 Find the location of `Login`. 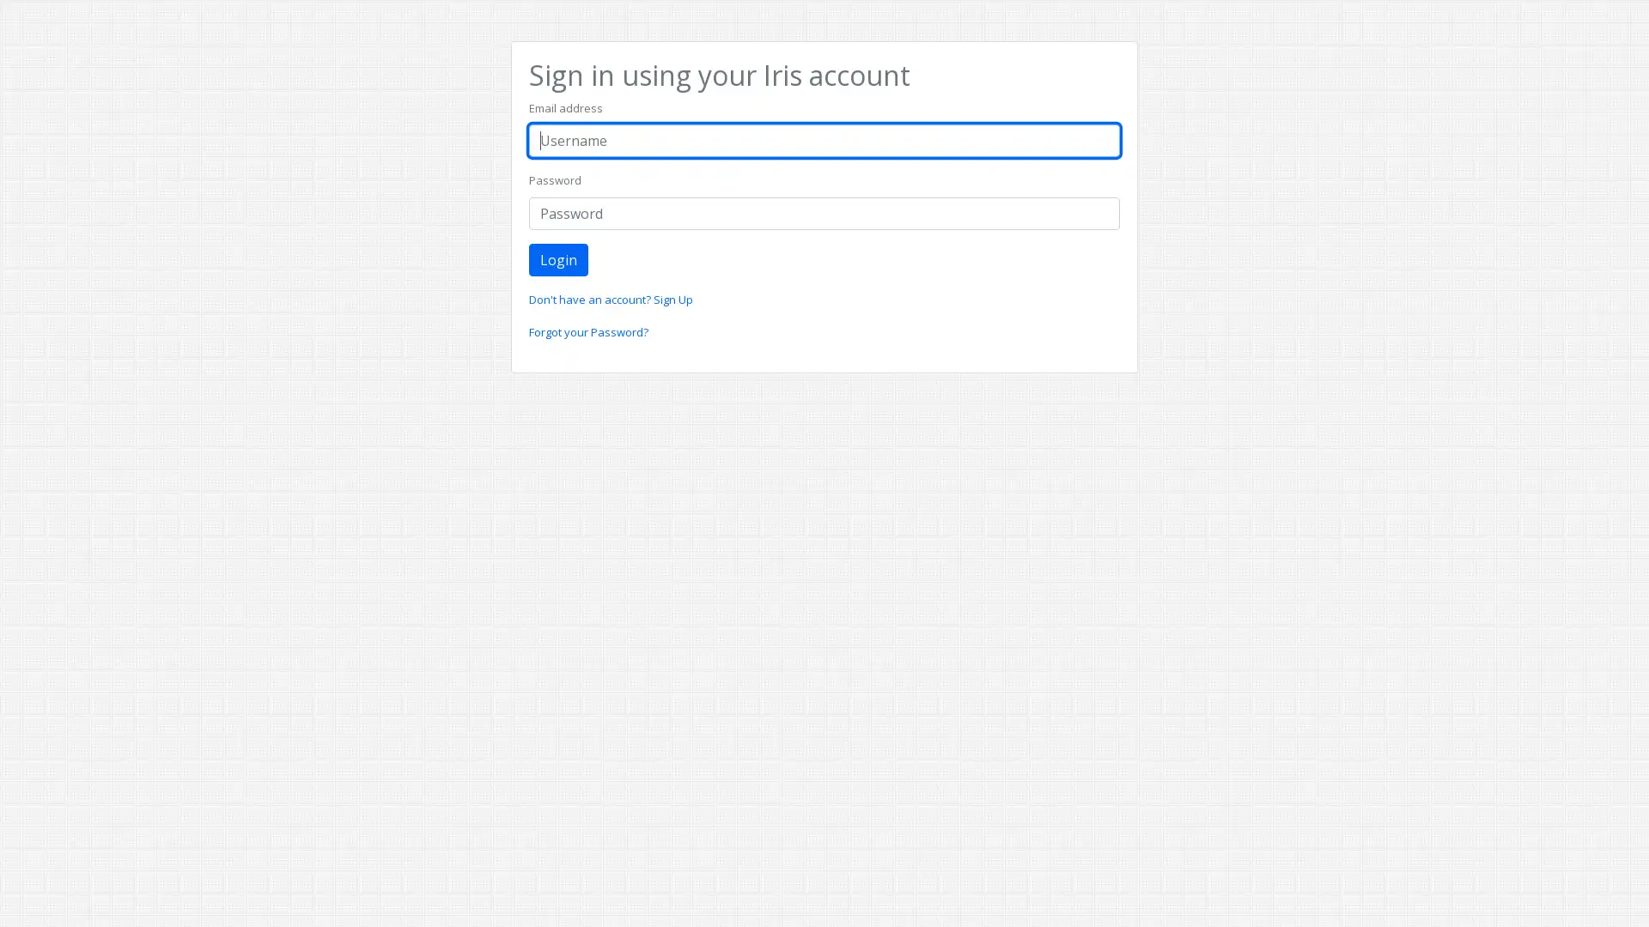

Login is located at coordinates (558, 258).